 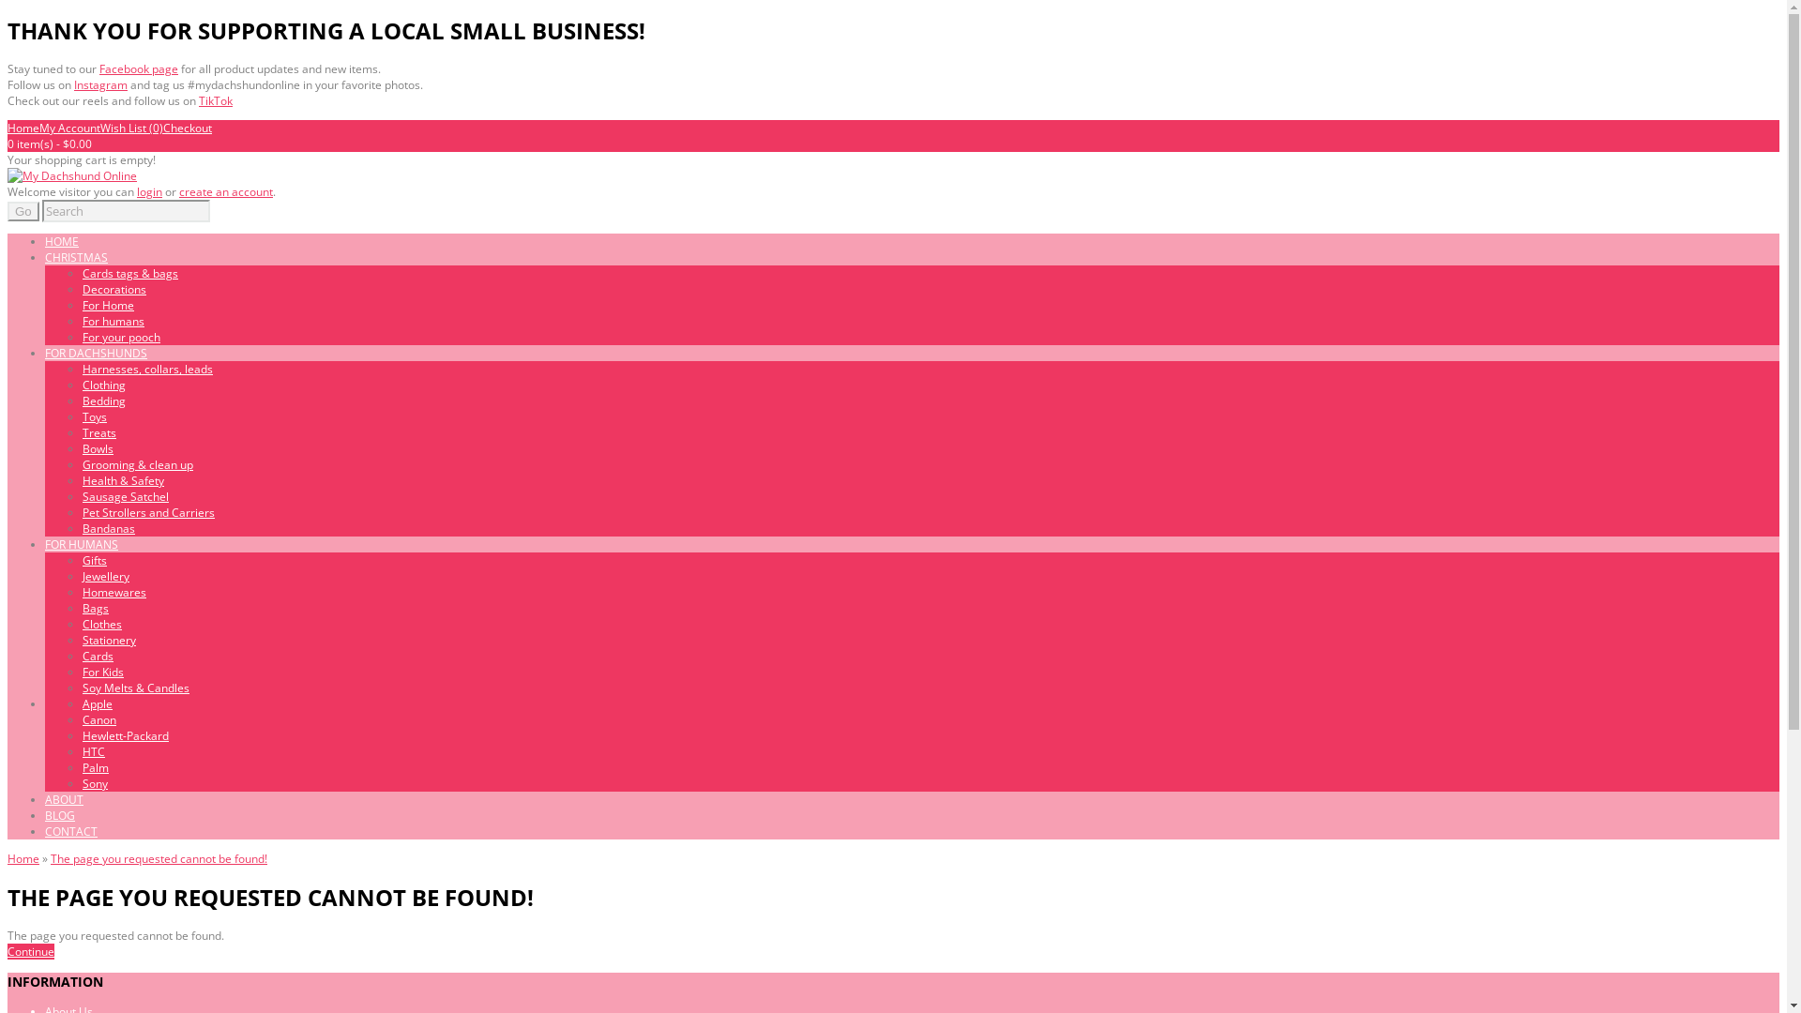 What do you see at coordinates (71, 175) in the screenshot?
I see `'My Dachshund Online'` at bounding box center [71, 175].